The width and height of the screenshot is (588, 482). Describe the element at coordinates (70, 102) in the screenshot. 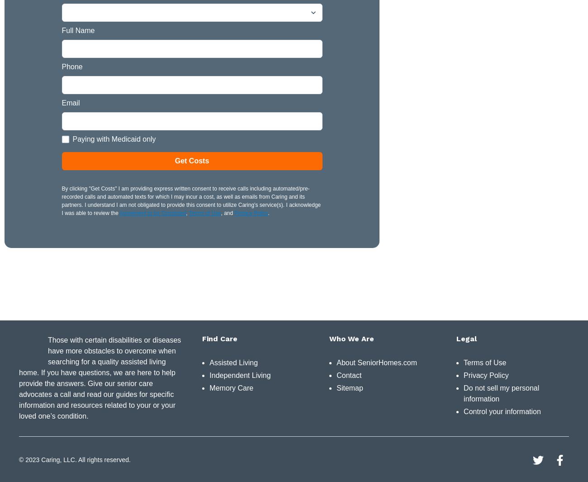

I see `'Email'` at that location.